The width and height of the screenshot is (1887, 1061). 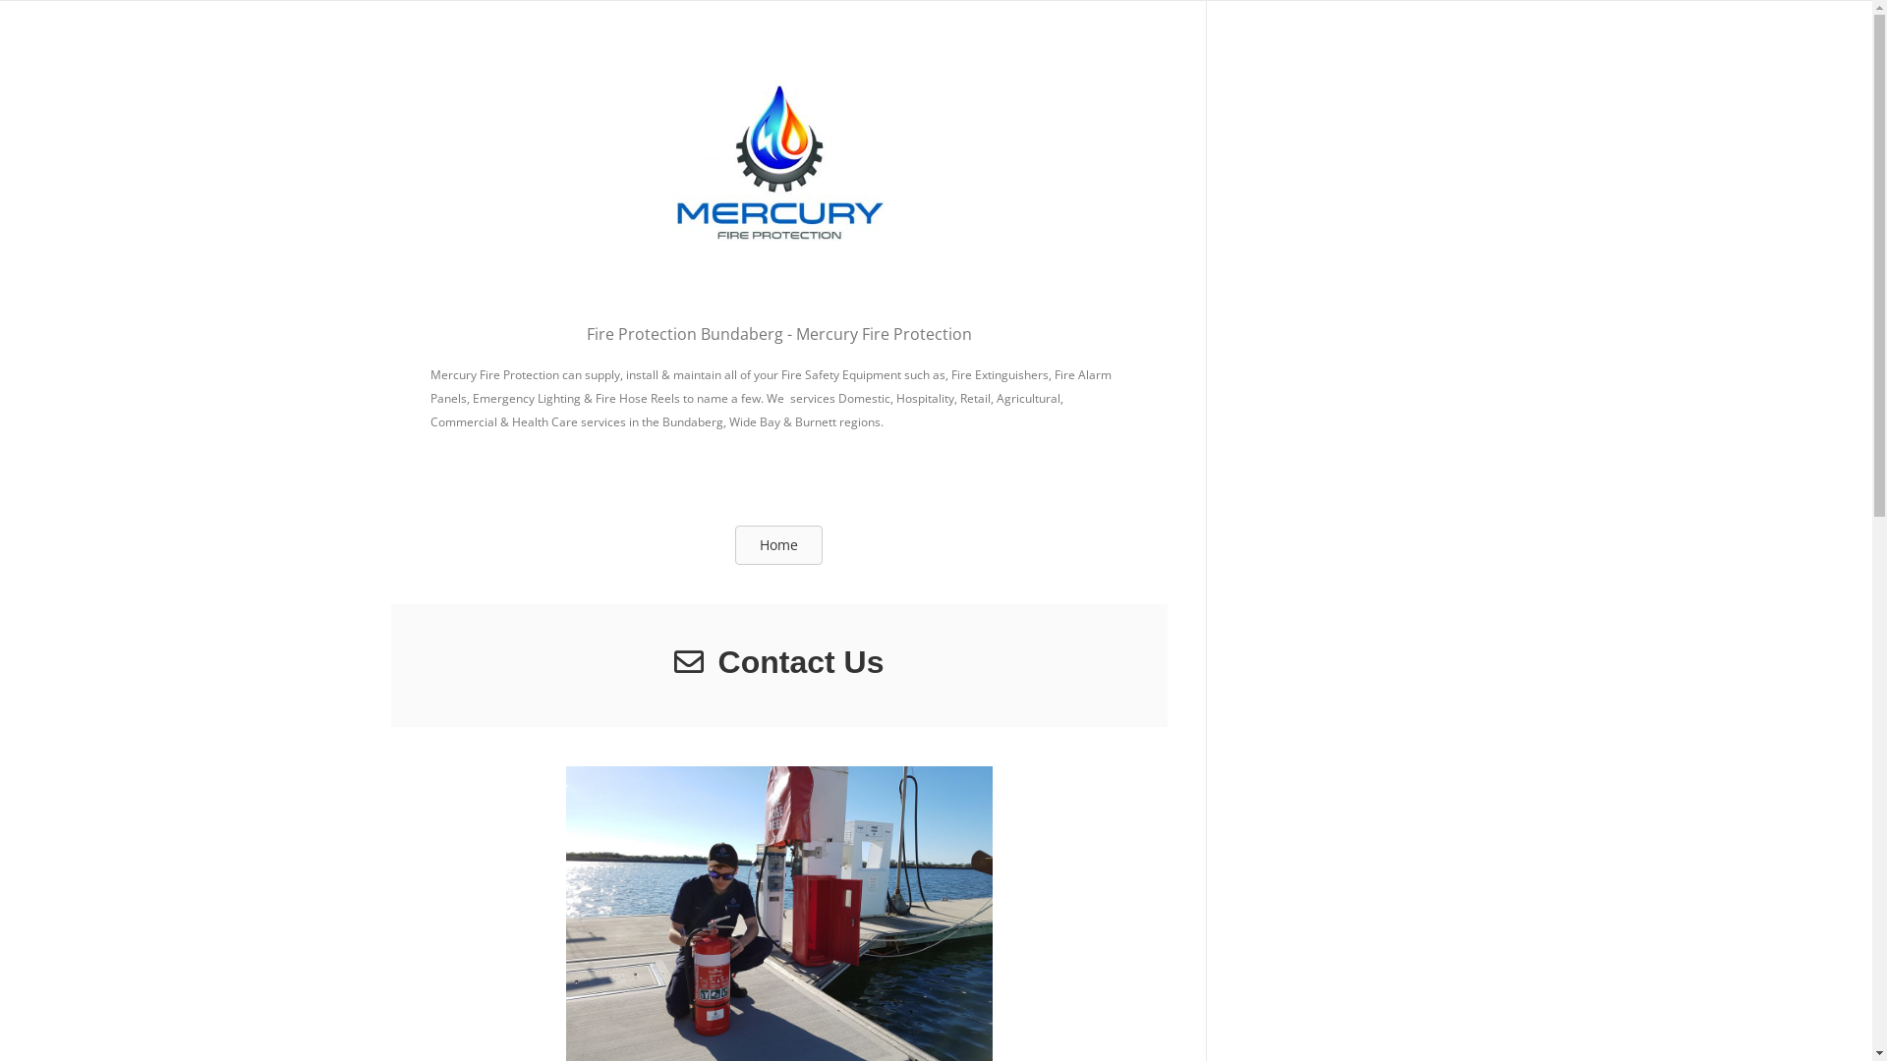 What do you see at coordinates (777, 160) in the screenshot?
I see `'Mercury Fire Protection'` at bounding box center [777, 160].